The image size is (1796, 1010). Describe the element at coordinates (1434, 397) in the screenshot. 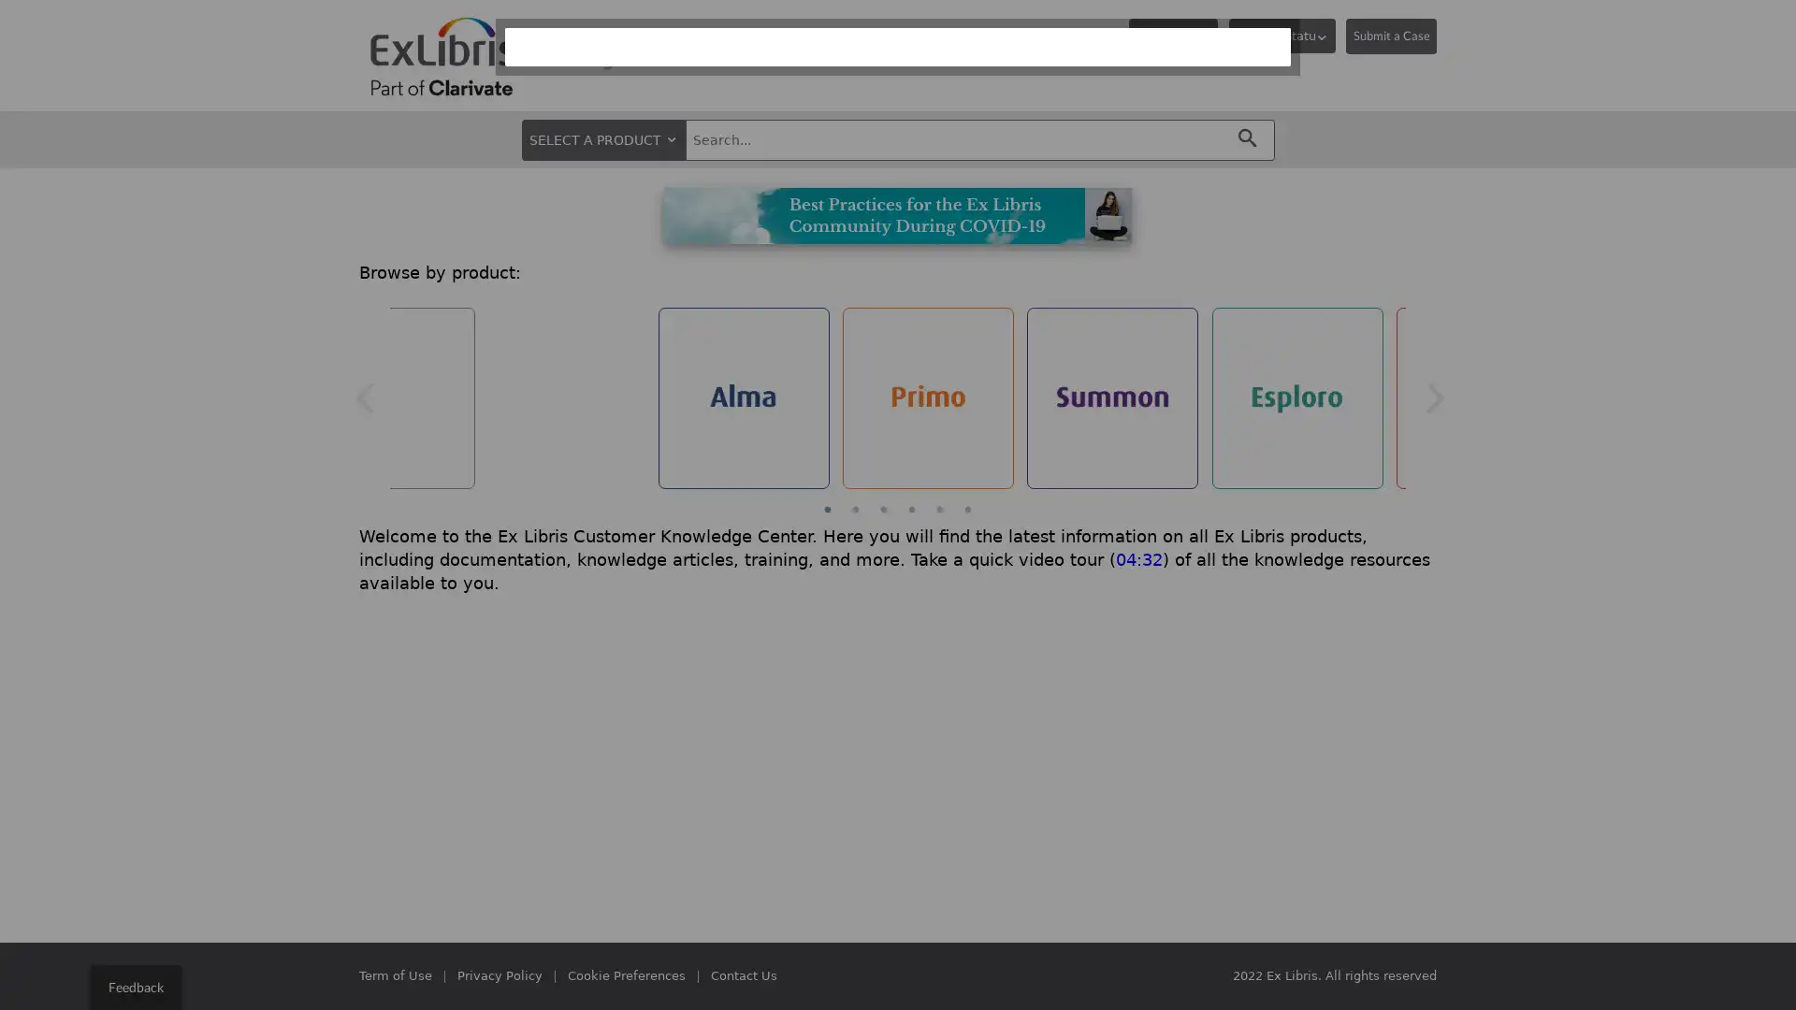

I see `Next` at that location.